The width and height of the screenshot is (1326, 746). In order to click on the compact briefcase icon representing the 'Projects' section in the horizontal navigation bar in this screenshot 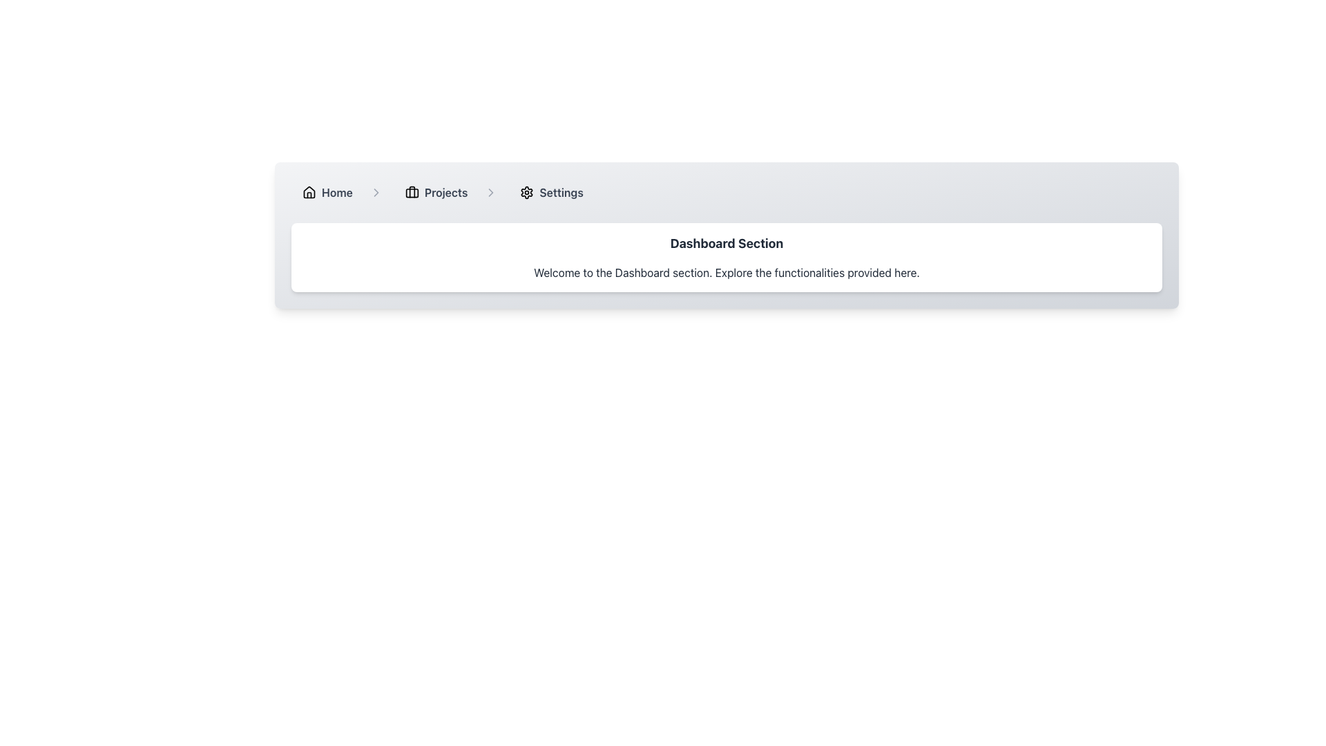, I will do `click(411, 192)`.